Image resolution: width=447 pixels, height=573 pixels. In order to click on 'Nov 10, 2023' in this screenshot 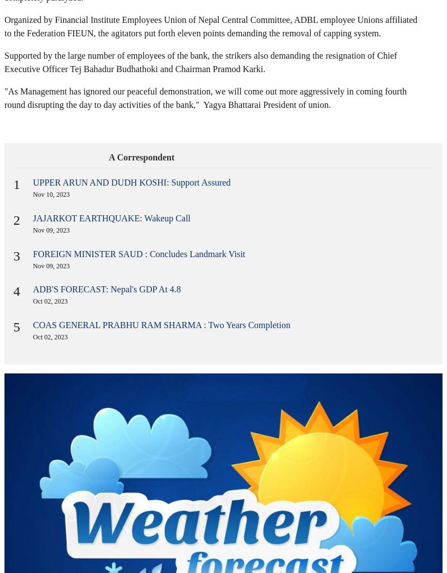, I will do `click(32, 193)`.